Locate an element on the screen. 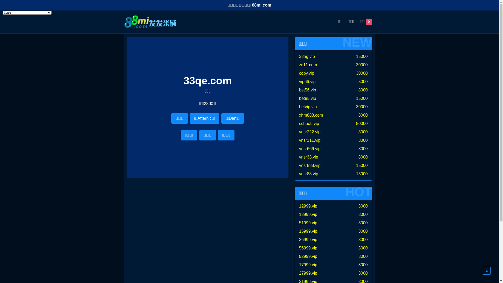  '15999.vip' is located at coordinates (308, 231).